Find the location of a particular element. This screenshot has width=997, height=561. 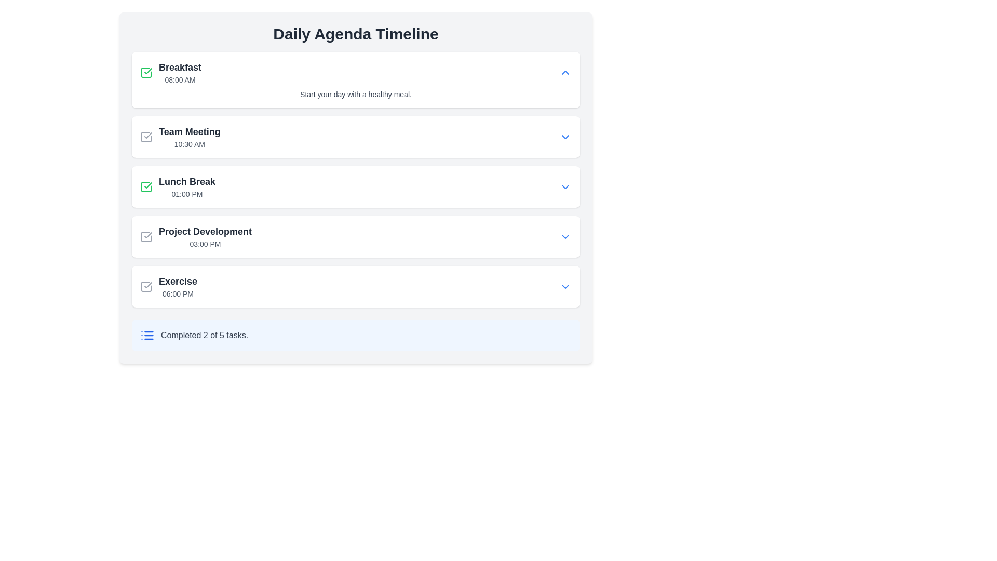

the Checkbox icon representing the status of the associated task located to the left of the 'Exercise' text and above the '06:00 PM' text in the last list item of the agenda is located at coordinates (146, 286).